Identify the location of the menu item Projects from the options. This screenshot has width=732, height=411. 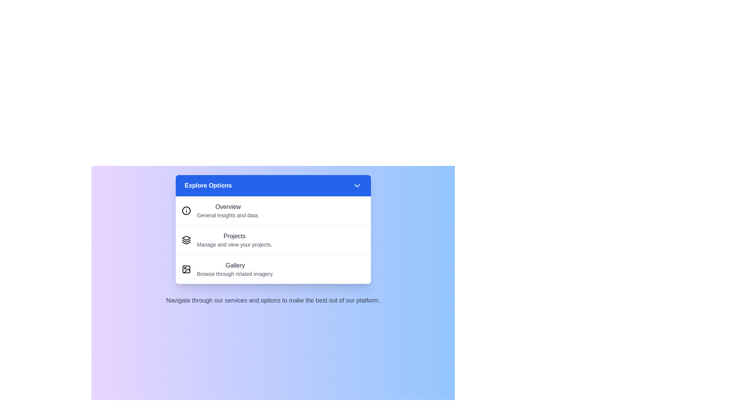
(234, 240).